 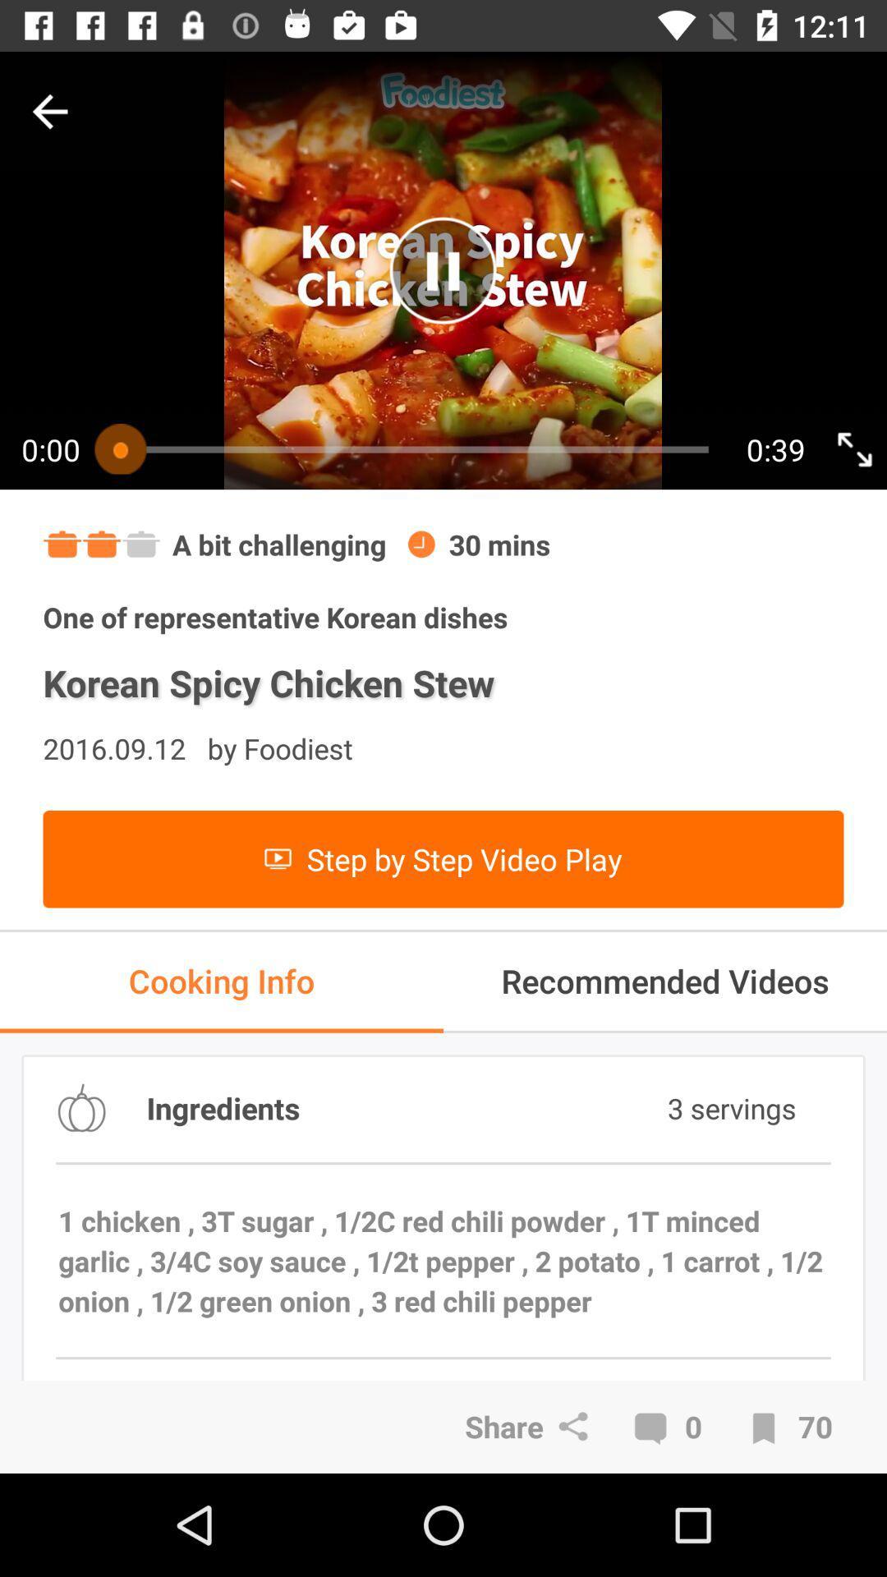 What do you see at coordinates (853, 449) in the screenshot?
I see `click for full screen` at bounding box center [853, 449].